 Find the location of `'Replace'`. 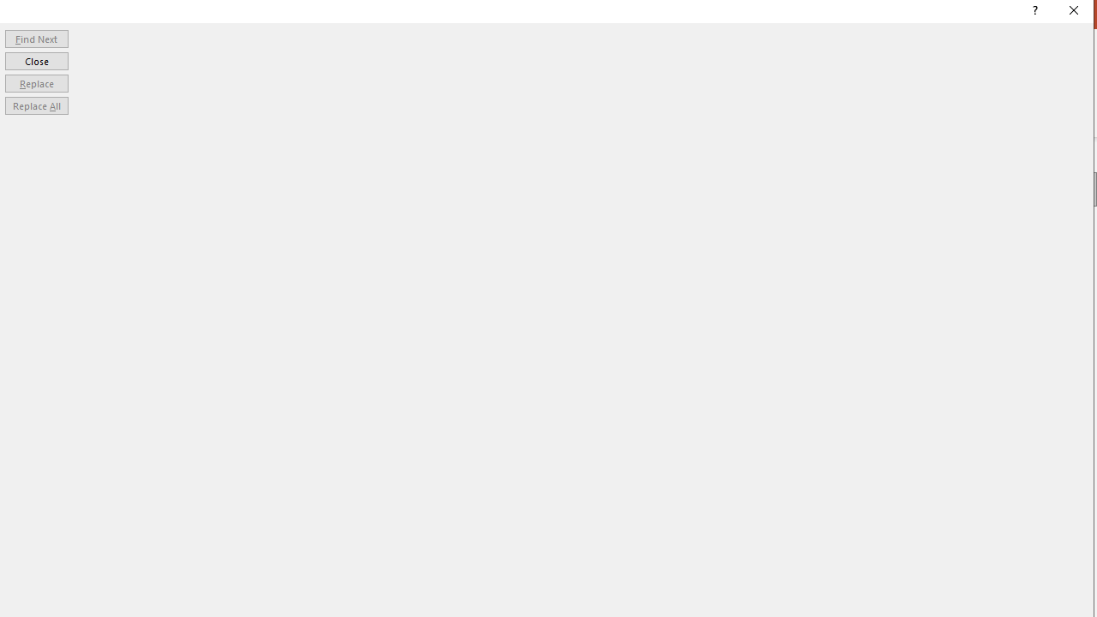

'Replace' is located at coordinates (36, 83).